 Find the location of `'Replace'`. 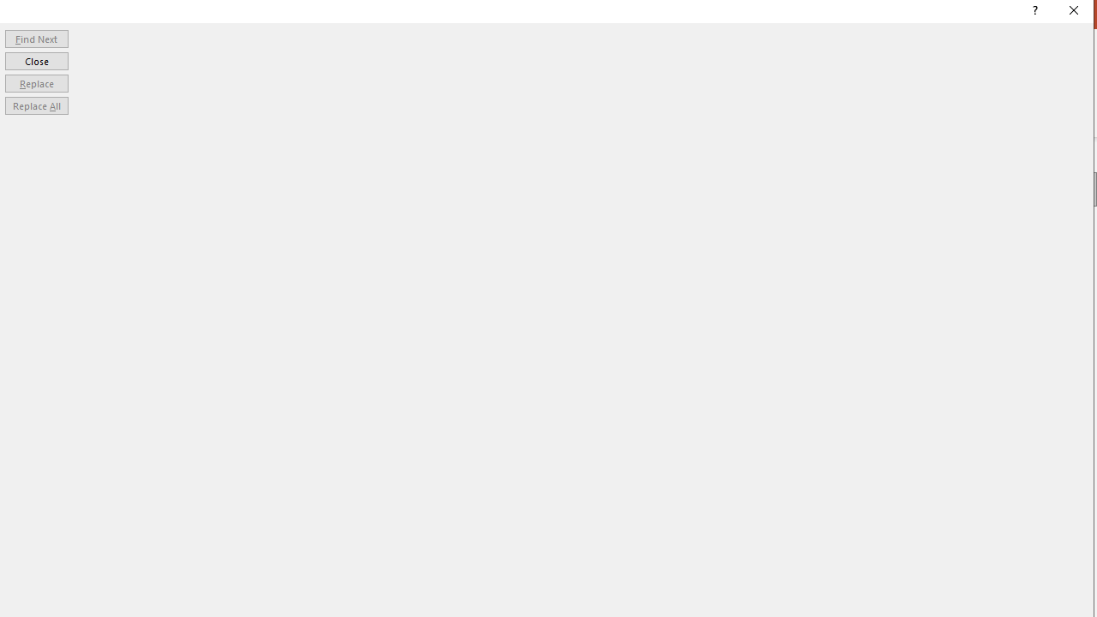

'Replace' is located at coordinates (36, 83).